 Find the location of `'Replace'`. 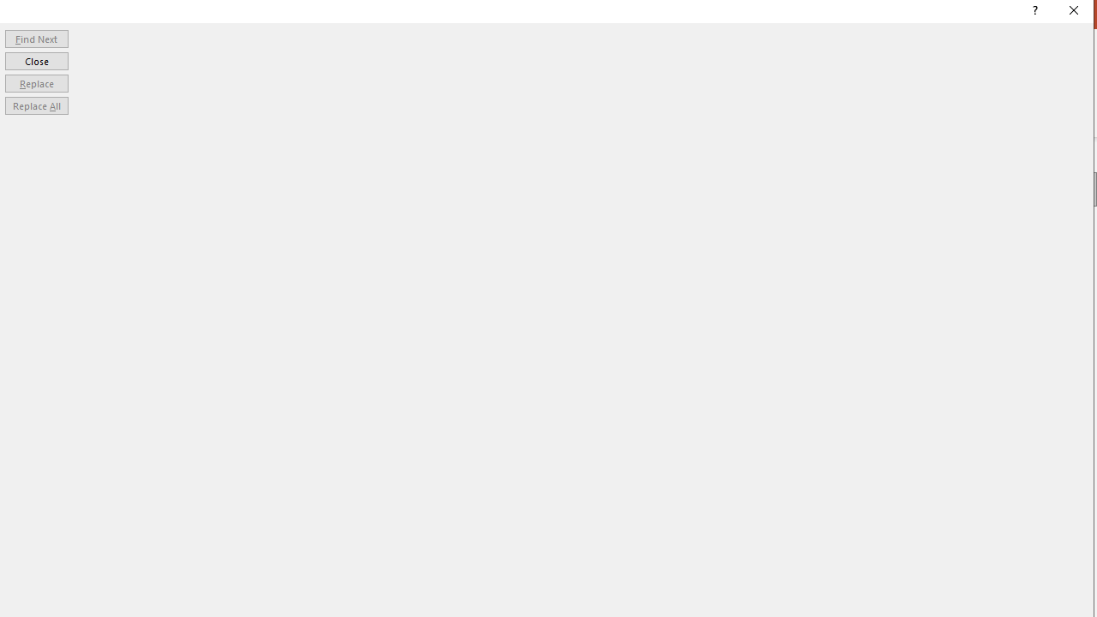

'Replace' is located at coordinates (36, 83).